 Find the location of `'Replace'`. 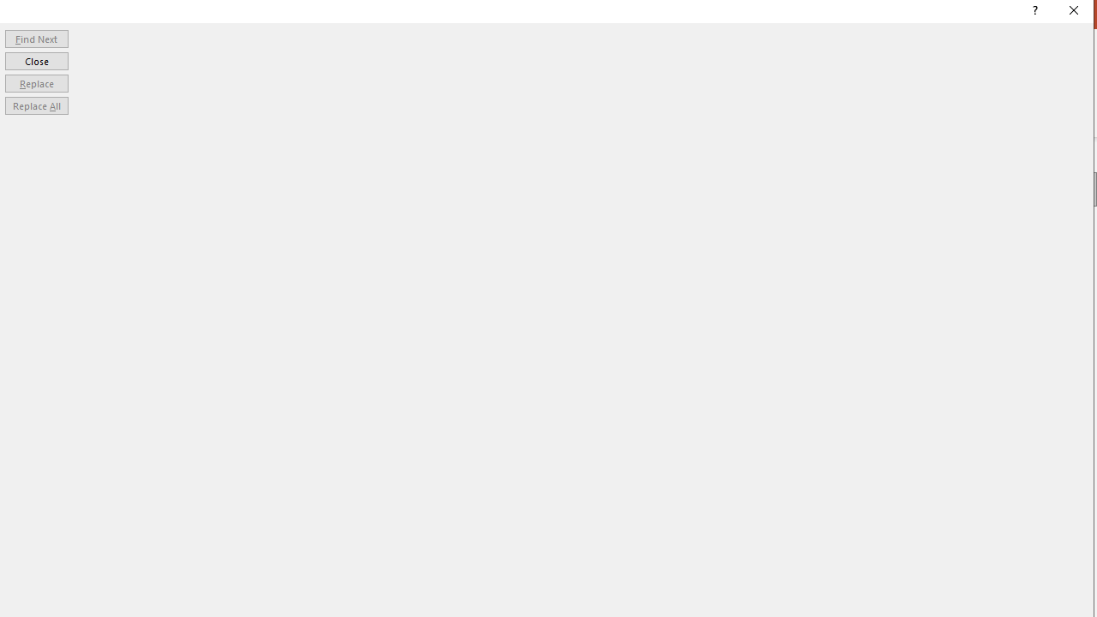

'Replace' is located at coordinates (36, 83).